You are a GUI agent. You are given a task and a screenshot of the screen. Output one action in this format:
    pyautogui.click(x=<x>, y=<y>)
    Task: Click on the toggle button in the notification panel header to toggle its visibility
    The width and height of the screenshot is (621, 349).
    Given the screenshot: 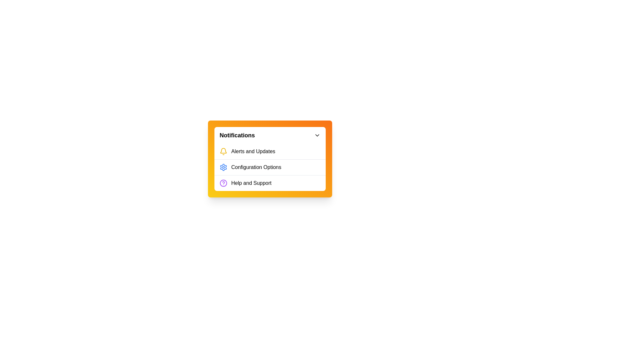 What is the action you would take?
    pyautogui.click(x=317, y=135)
    